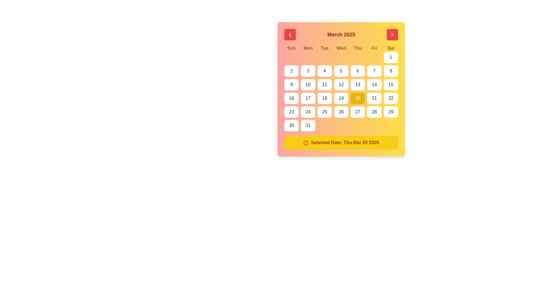  What do you see at coordinates (341, 48) in the screenshot?
I see `the label representing 'Wed' in the calendar header, which is the fourth item between 'Tue' and 'Thu'` at bounding box center [341, 48].